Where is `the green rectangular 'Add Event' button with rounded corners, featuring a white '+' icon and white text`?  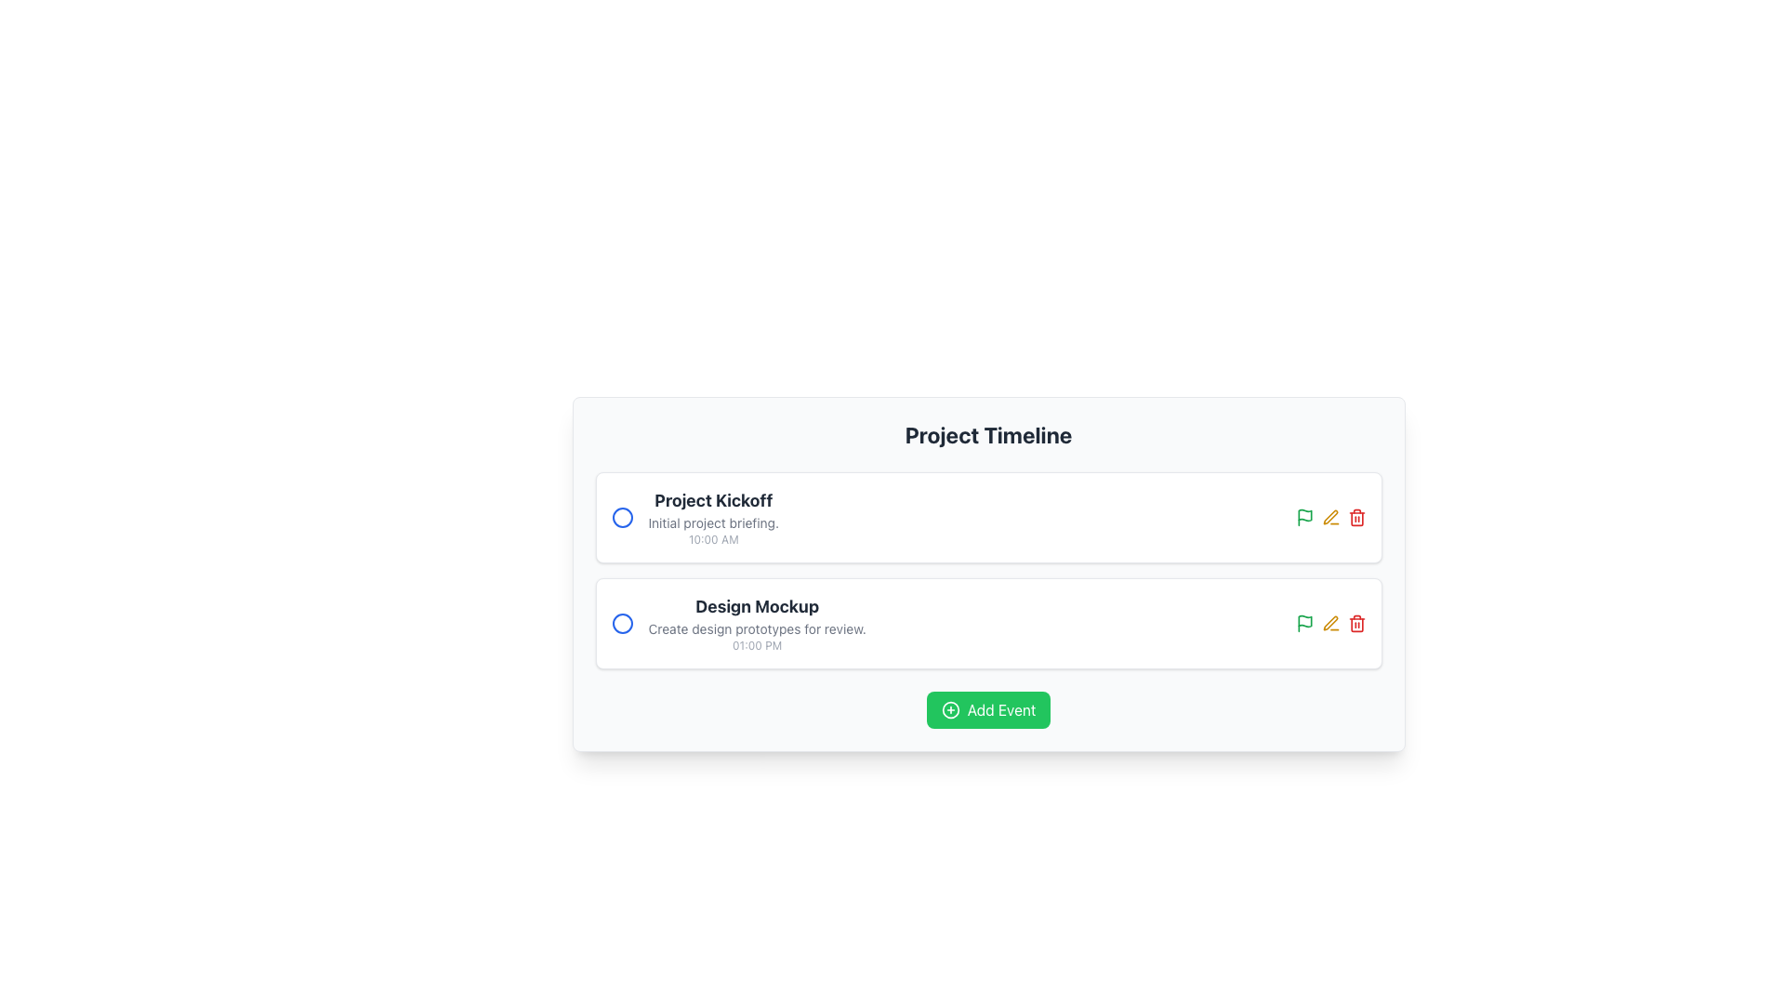
the green rectangular 'Add Event' button with rounded corners, featuring a white '+' icon and white text is located at coordinates (987, 709).